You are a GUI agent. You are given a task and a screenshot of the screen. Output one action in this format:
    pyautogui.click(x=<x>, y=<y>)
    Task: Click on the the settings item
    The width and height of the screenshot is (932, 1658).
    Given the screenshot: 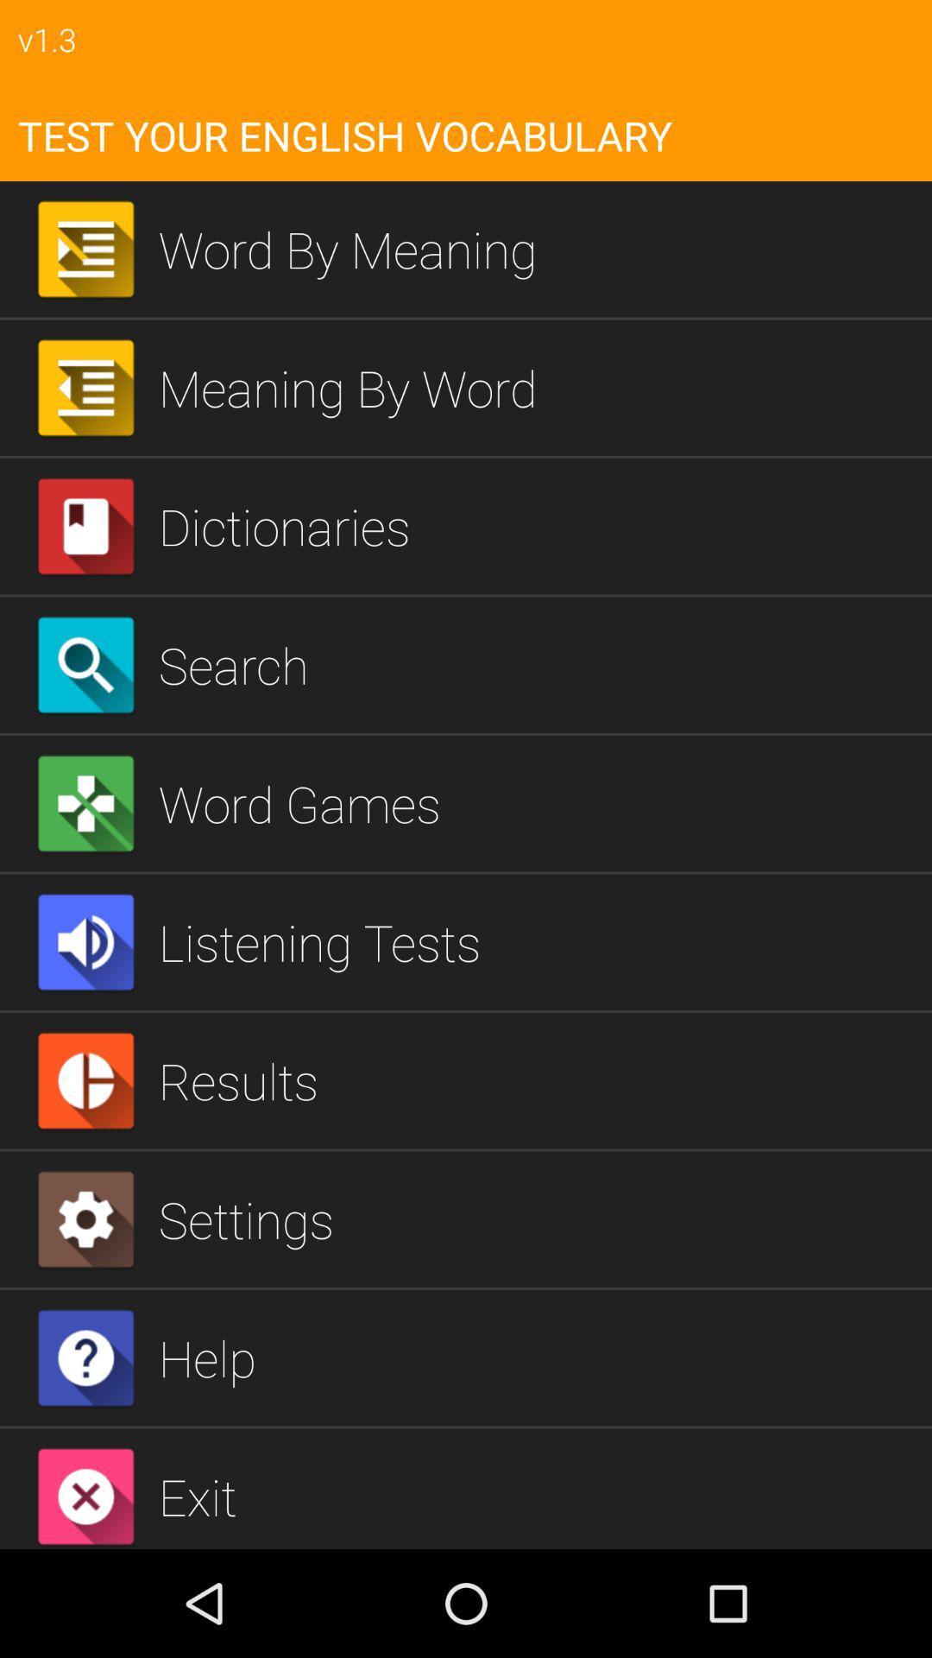 What is the action you would take?
    pyautogui.click(x=538, y=1218)
    